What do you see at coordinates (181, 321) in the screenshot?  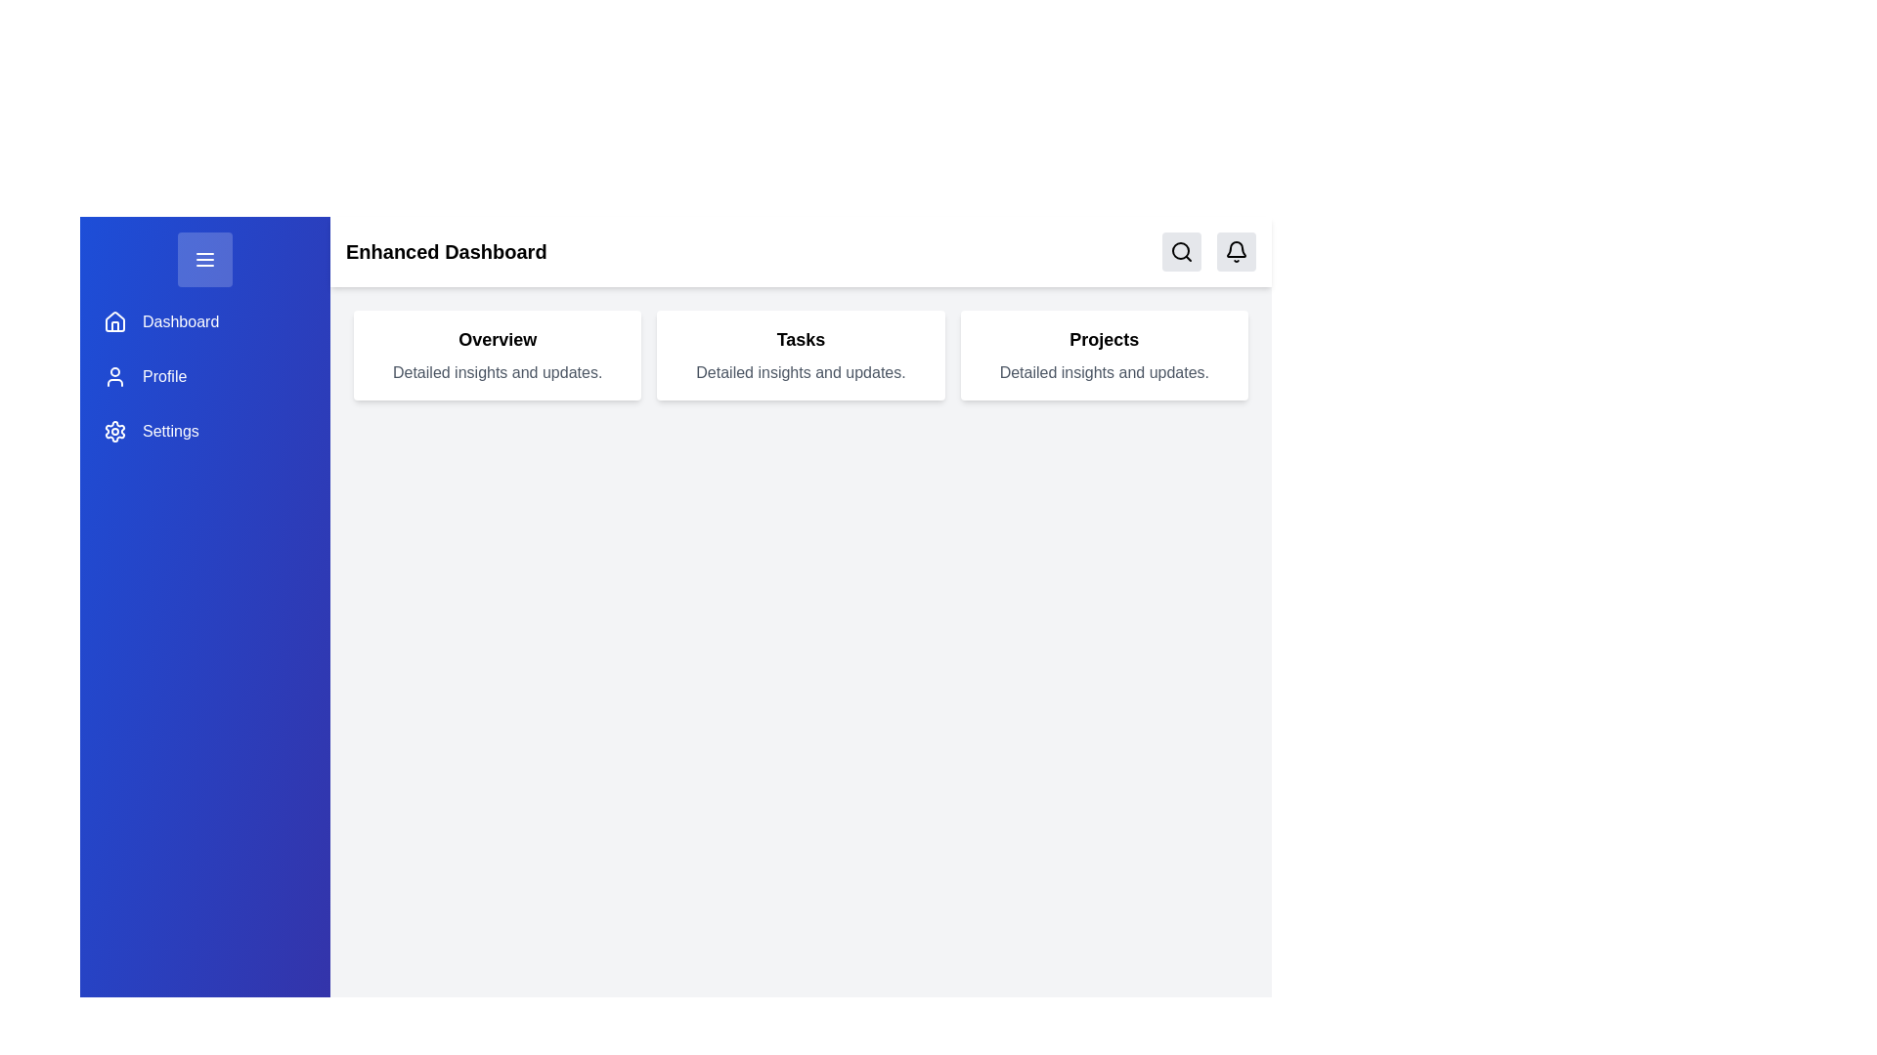 I see `the 'Dashboard' label in the navigation sidebar` at bounding box center [181, 321].